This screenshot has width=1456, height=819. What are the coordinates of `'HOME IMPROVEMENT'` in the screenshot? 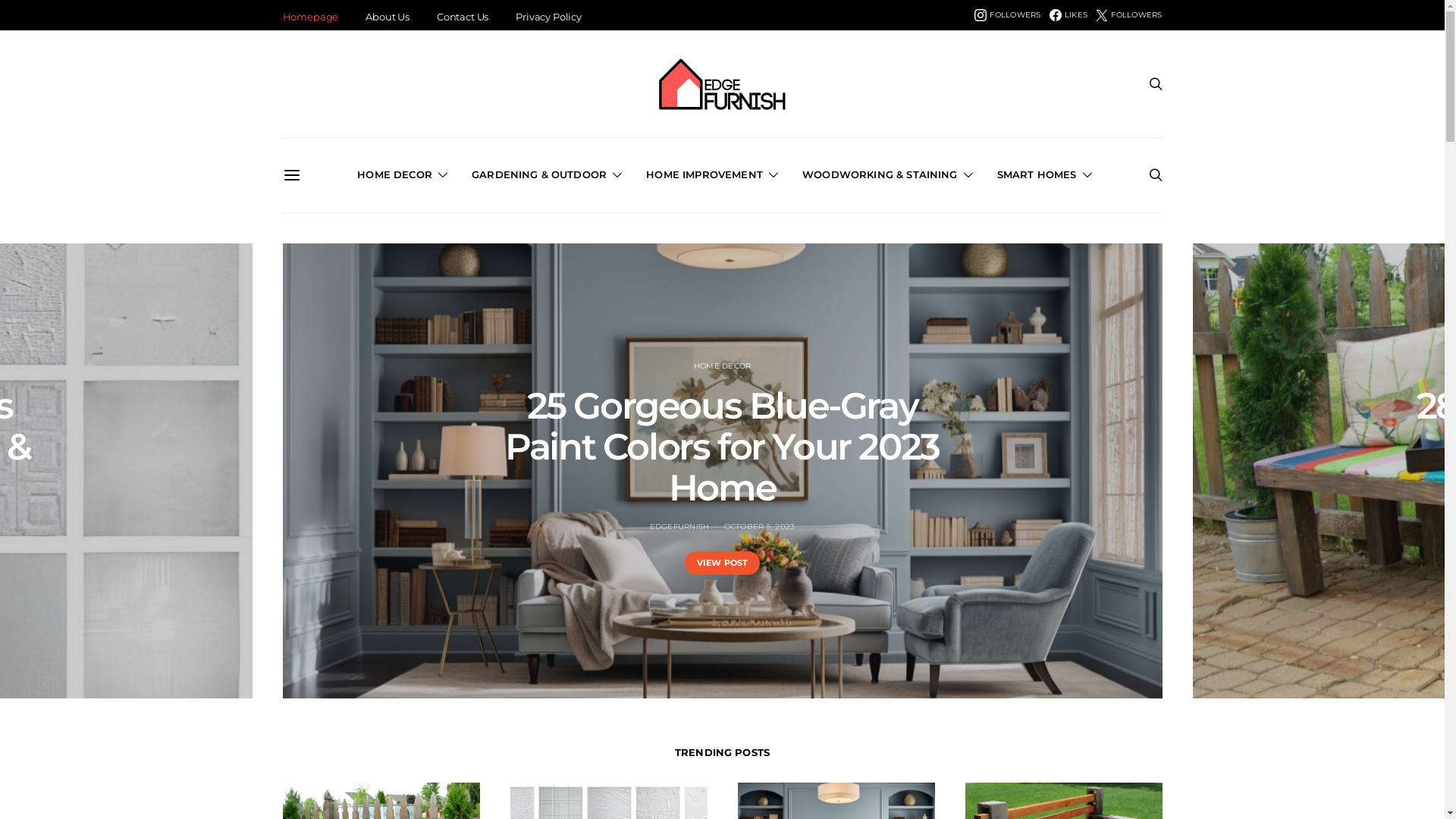 It's located at (645, 174).